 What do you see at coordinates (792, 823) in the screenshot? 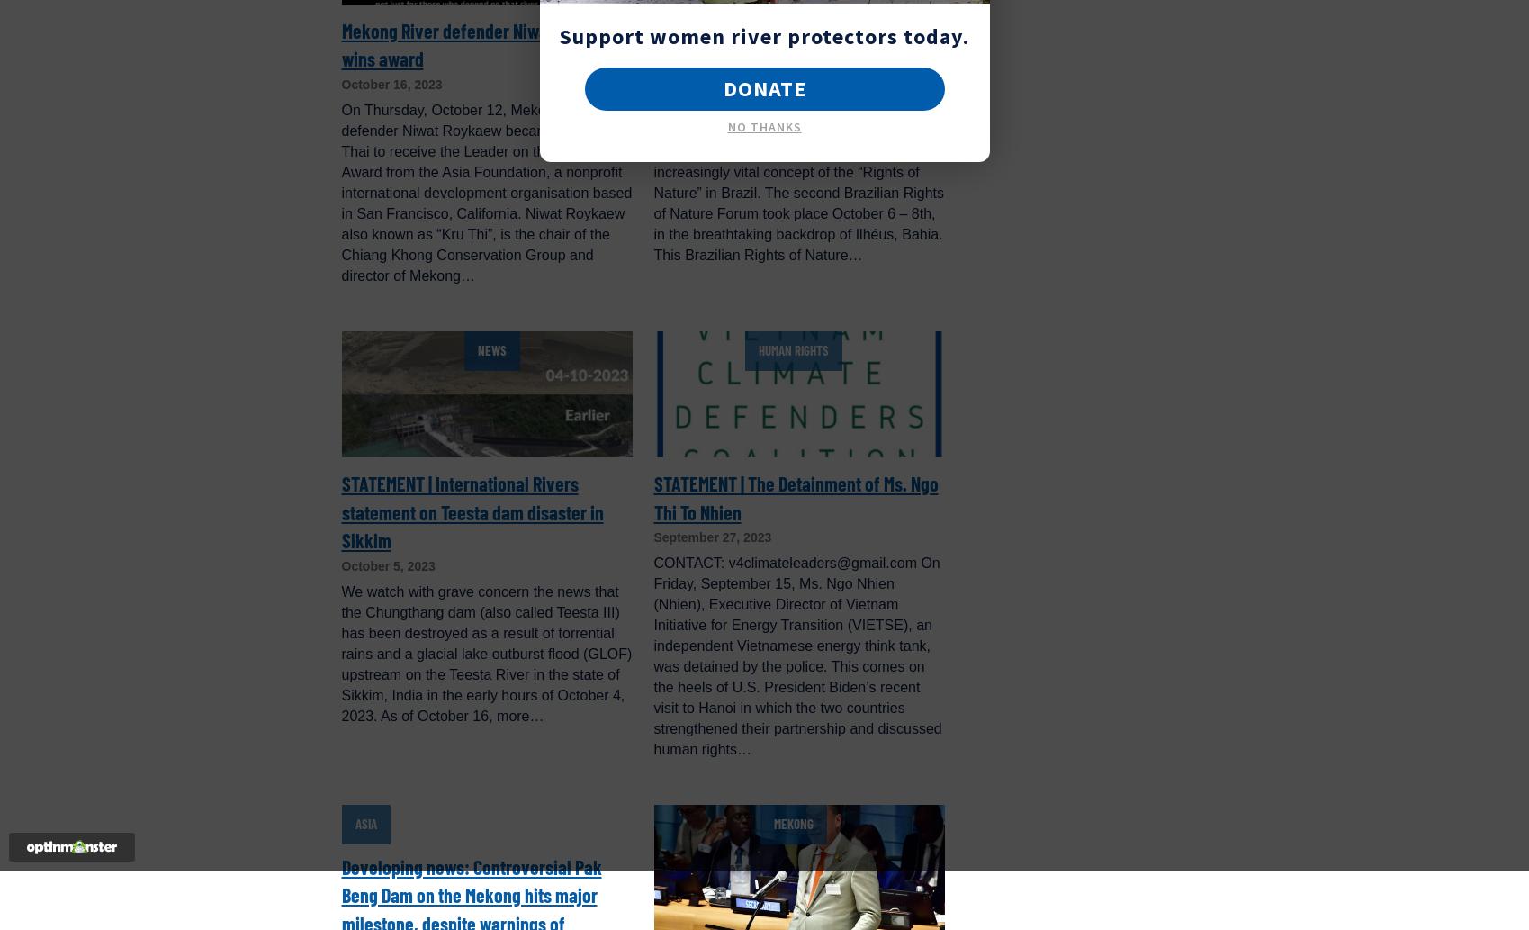
I see `'Mekong'` at bounding box center [792, 823].